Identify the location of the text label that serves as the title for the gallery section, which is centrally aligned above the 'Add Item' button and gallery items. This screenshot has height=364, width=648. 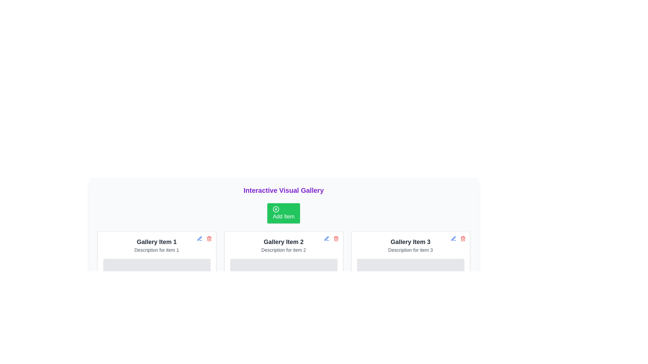
(283, 190).